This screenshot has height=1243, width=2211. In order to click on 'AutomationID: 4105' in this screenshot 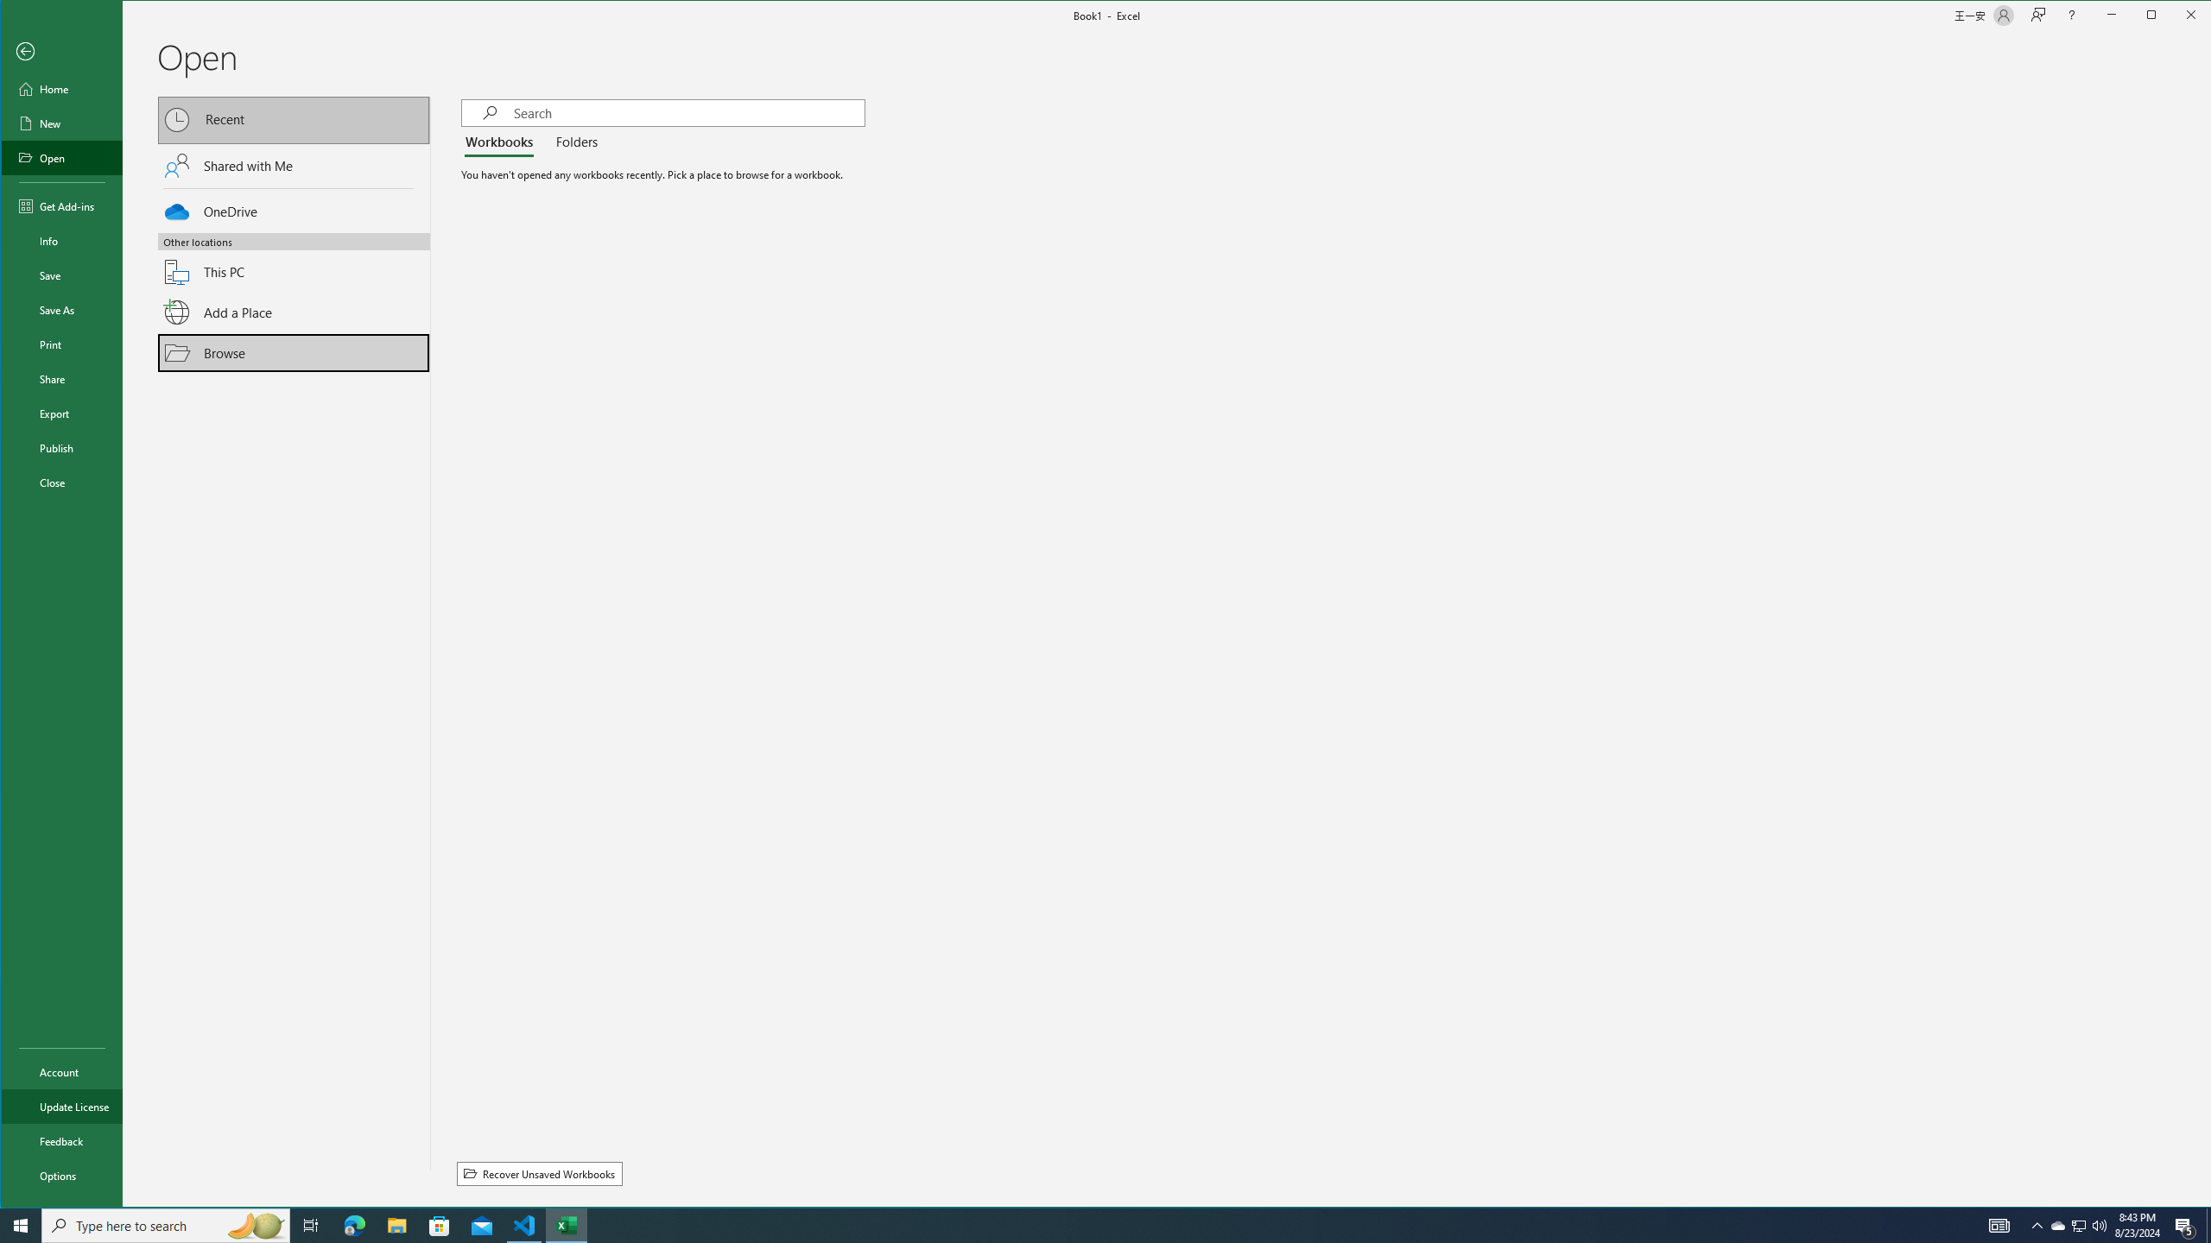, I will do `click(1999, 1224)`.